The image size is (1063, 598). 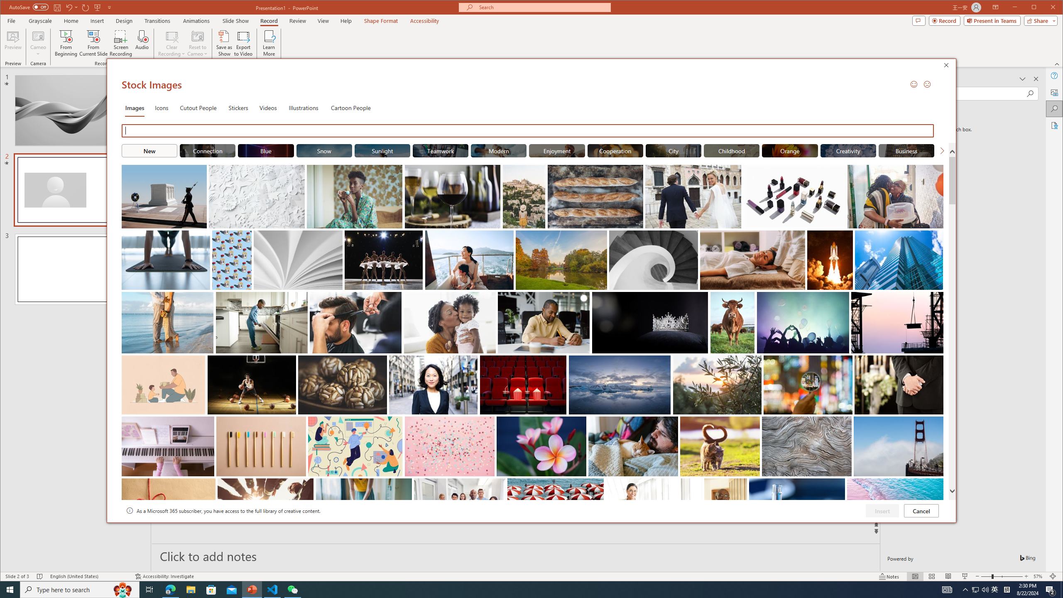 What do you see at coordinates (225, 43) in the screenshot?
I see `'Save as Show'` at bounding box center [225, 43].